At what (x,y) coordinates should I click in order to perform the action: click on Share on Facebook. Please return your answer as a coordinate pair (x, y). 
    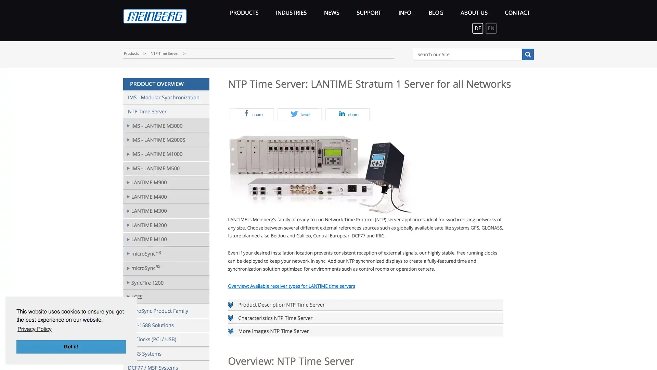
    Looking at the image, I should click on (251, 114).